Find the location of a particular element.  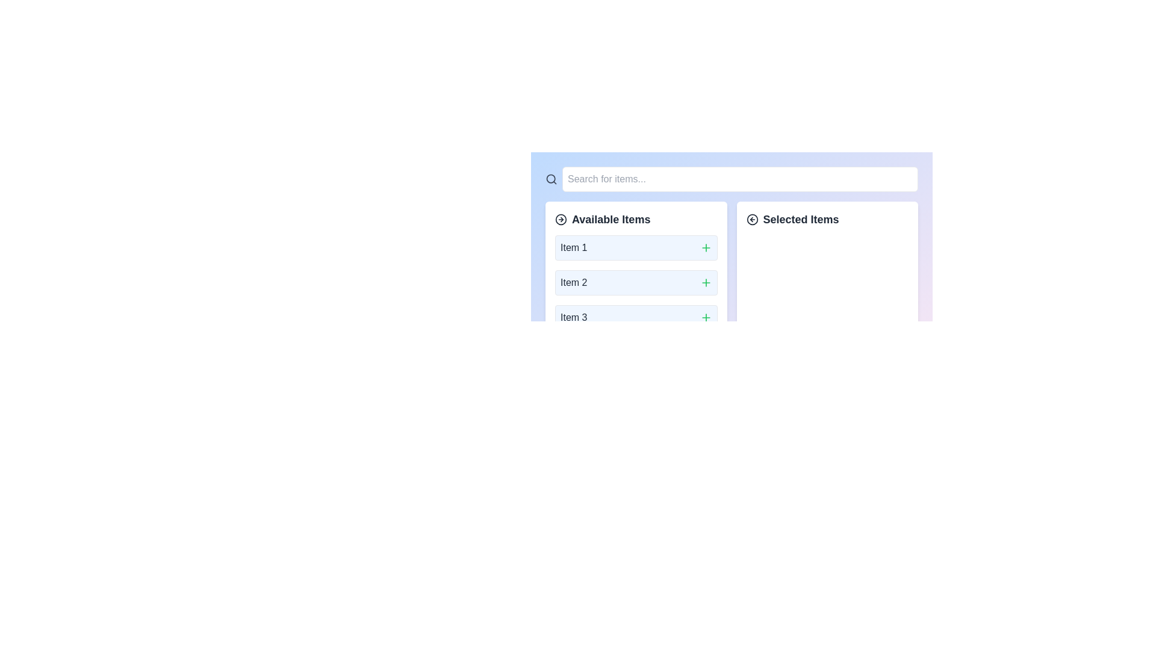

the third item in the 'Available Items' list, labeled 'Item 3', to indicate selection is located at coordinates (635, 317).